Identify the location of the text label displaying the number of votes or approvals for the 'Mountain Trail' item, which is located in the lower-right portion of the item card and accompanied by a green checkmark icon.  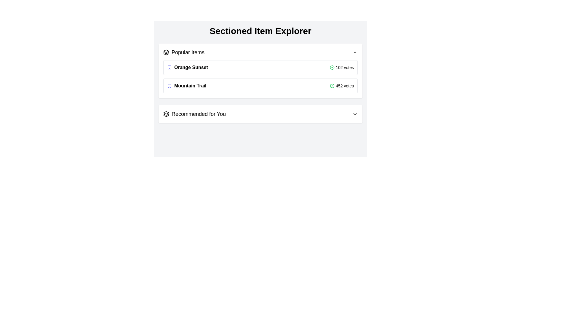
(342, 86).